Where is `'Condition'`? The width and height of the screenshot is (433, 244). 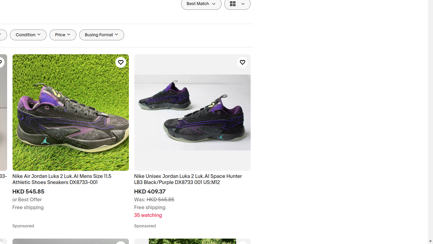 'Condition' is located at coordinates (28, 35).